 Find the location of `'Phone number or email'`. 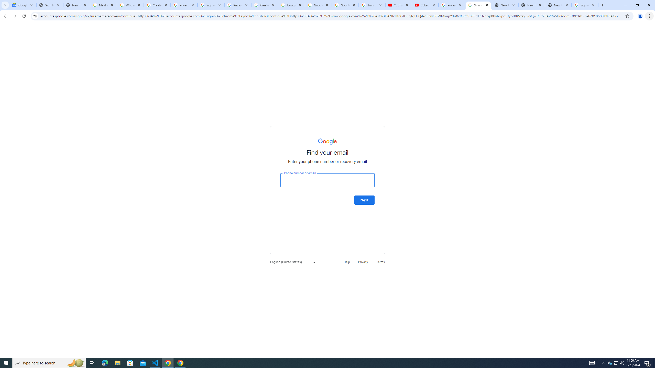

'Phone number or email' is located at coordinates (327, 180).